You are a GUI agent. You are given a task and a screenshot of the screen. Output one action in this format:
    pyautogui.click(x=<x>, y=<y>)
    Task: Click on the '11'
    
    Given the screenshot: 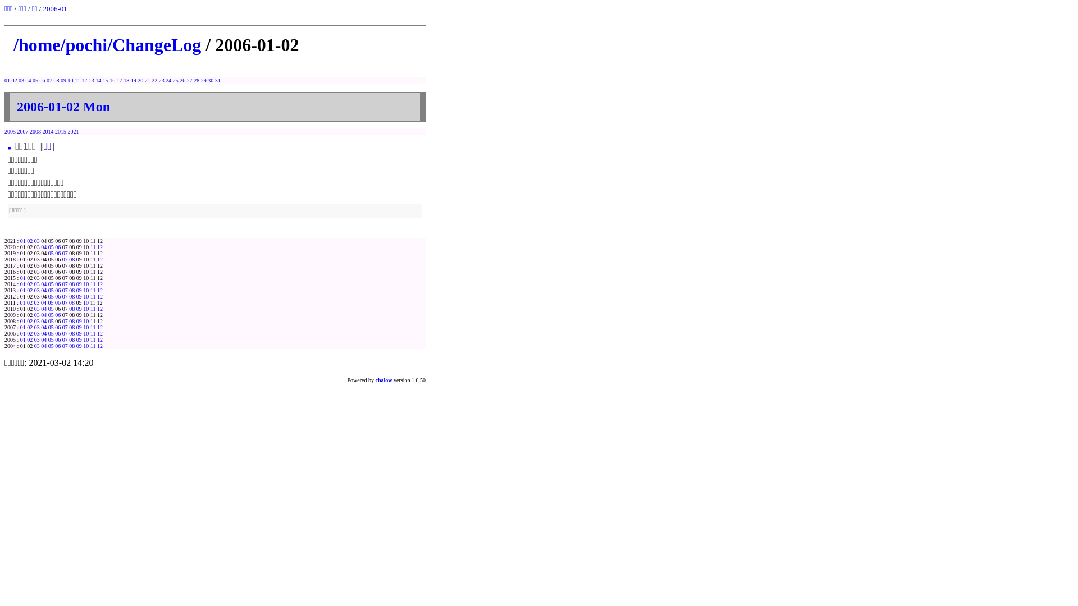 What is the action you would take?
    pyautogui.click(x=77, y=80)
    